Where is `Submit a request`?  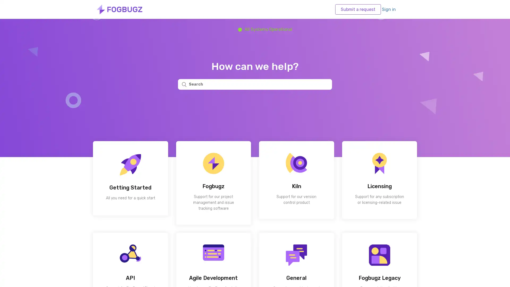
Submit a request is located at coordinates (358, 9).